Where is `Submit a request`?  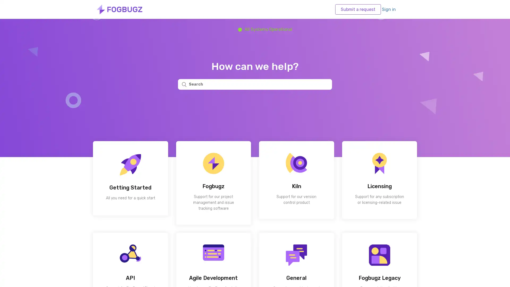
Submit a request is located at coordinates (358, 9).